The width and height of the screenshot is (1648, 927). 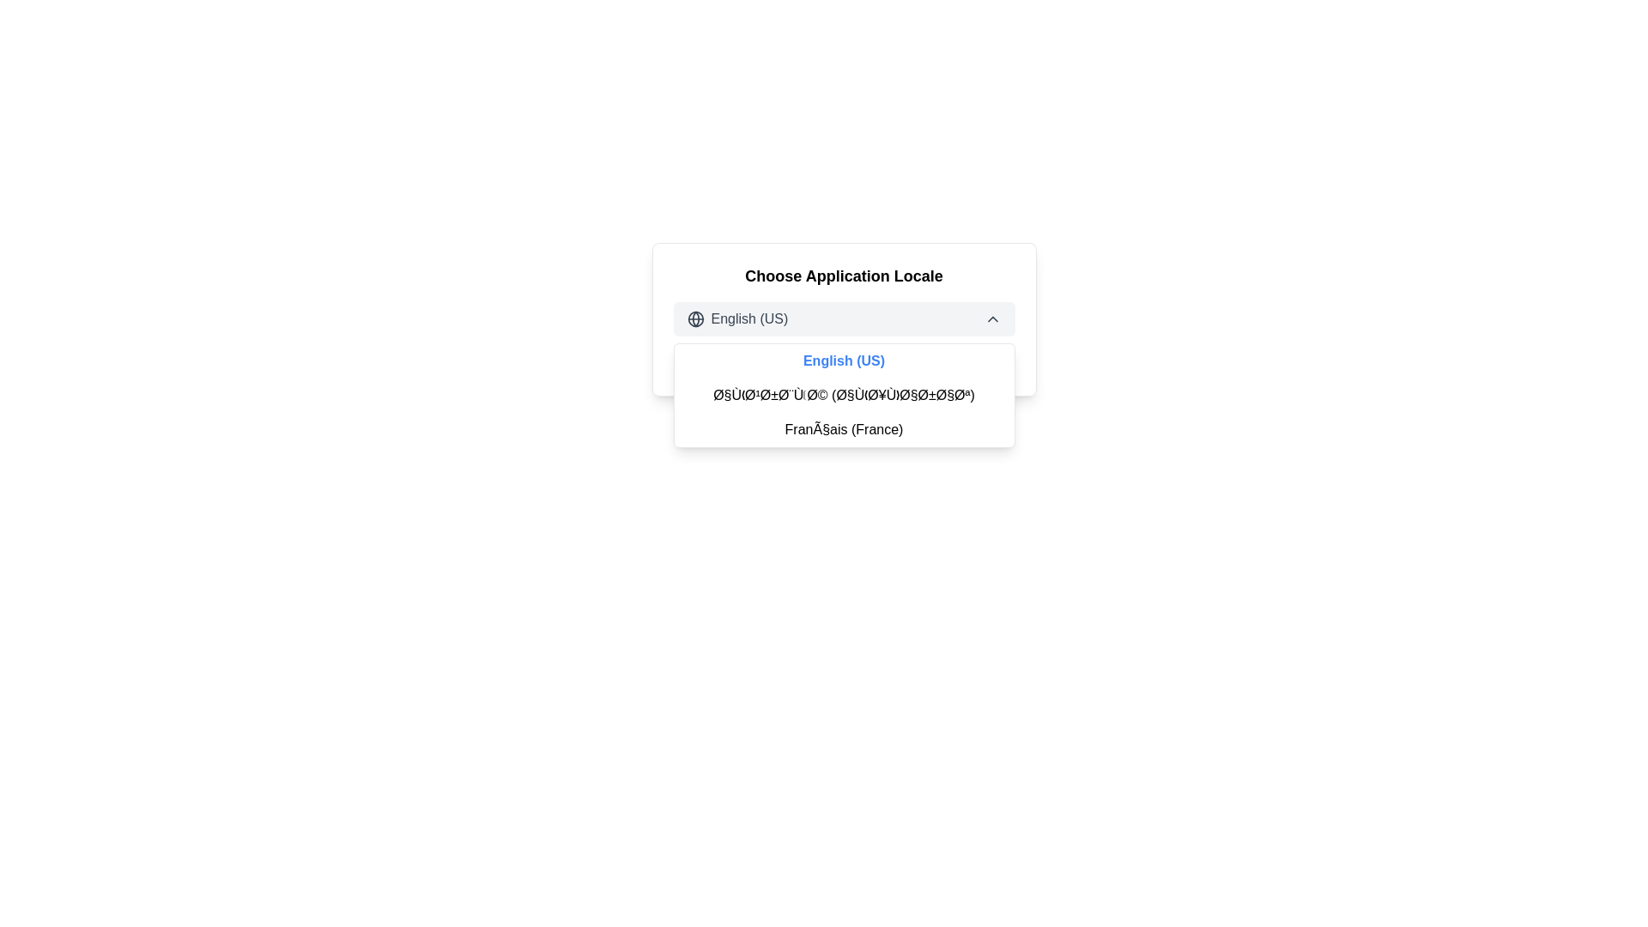 I want to click on the small globe icon located on the left side of the 'English (US)' text in the language selector interface, so click(x=695, y=318).